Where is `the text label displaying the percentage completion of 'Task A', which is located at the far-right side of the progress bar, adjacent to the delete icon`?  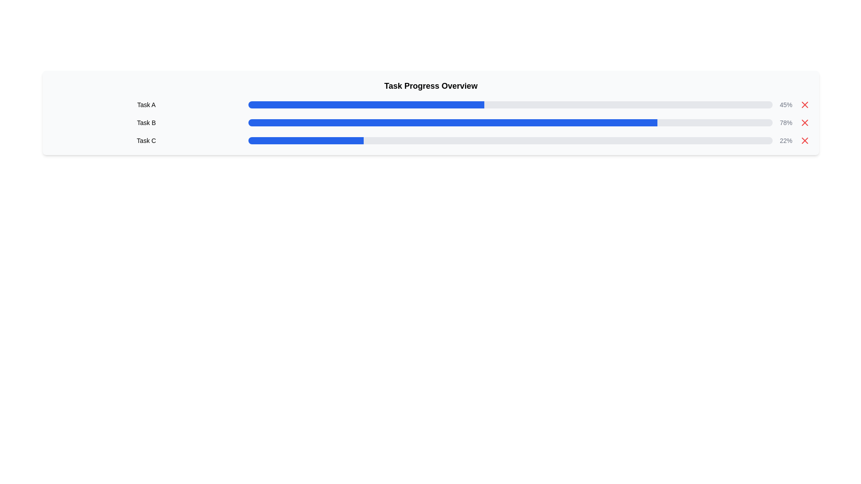
the text label displaying the percentage completion of 'Task A', which is located at the far-right side of the progress bar, adjacent to the delete icon is located at coordinates (785, 104).